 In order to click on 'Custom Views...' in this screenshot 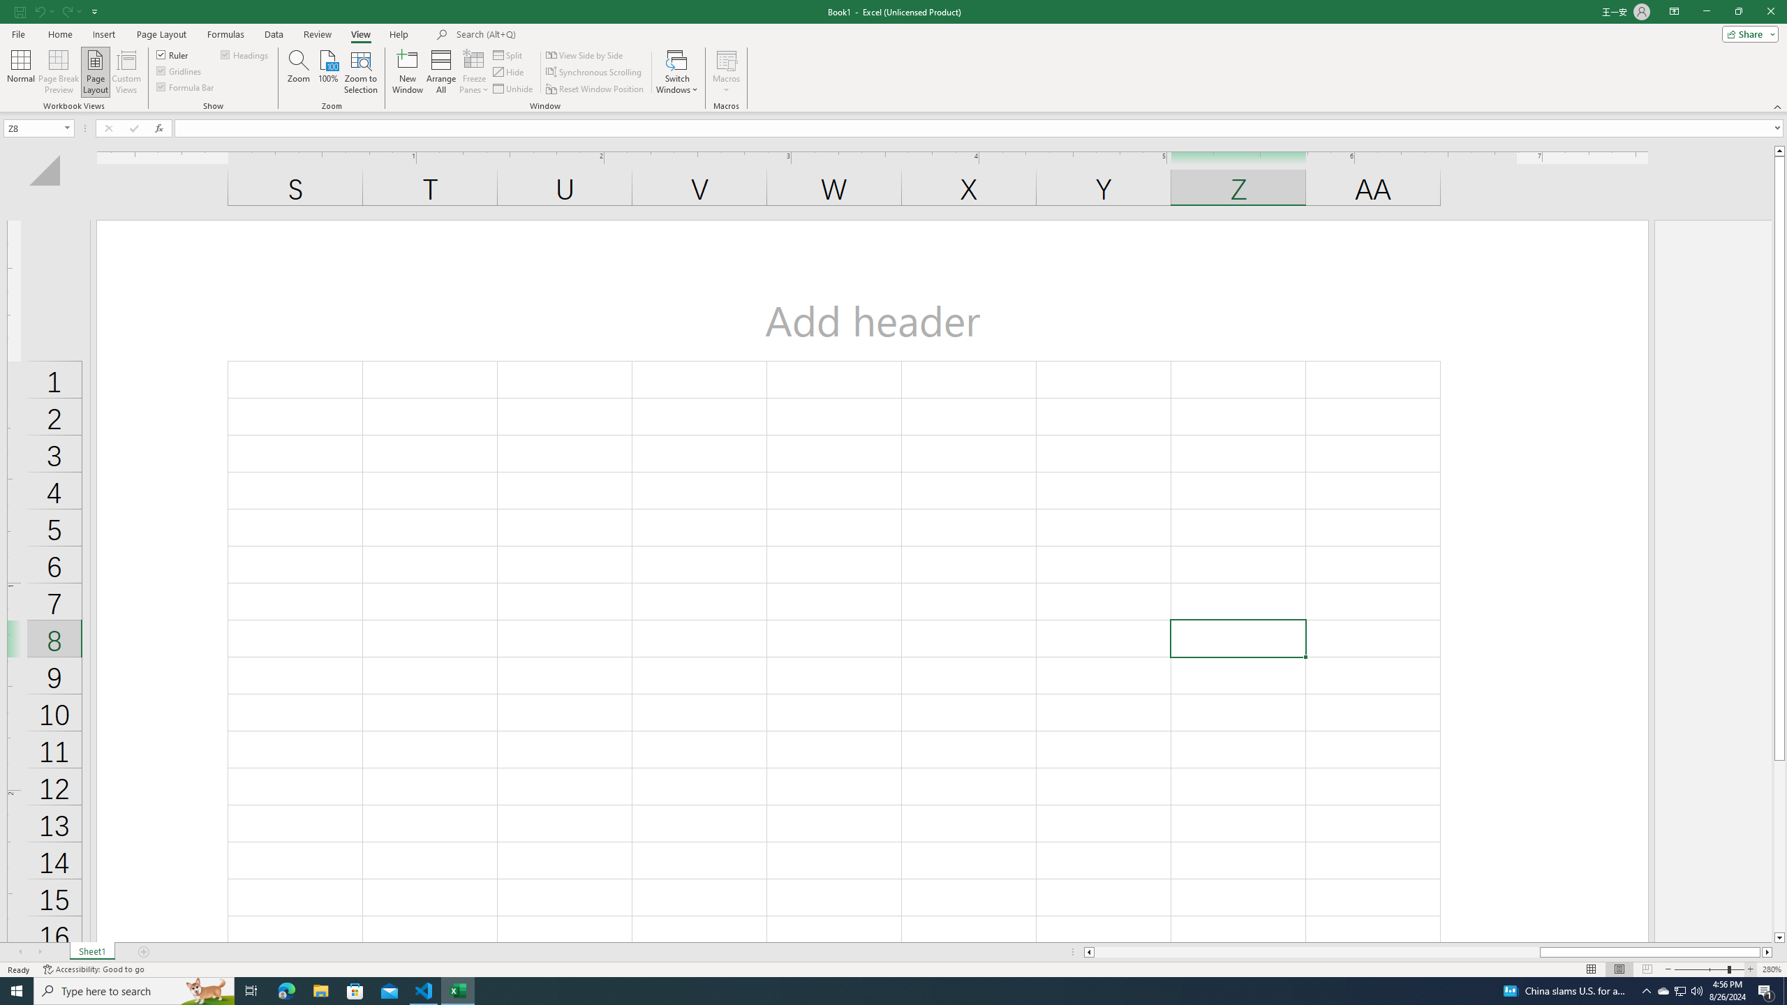, I will do `click(126, 72)`.